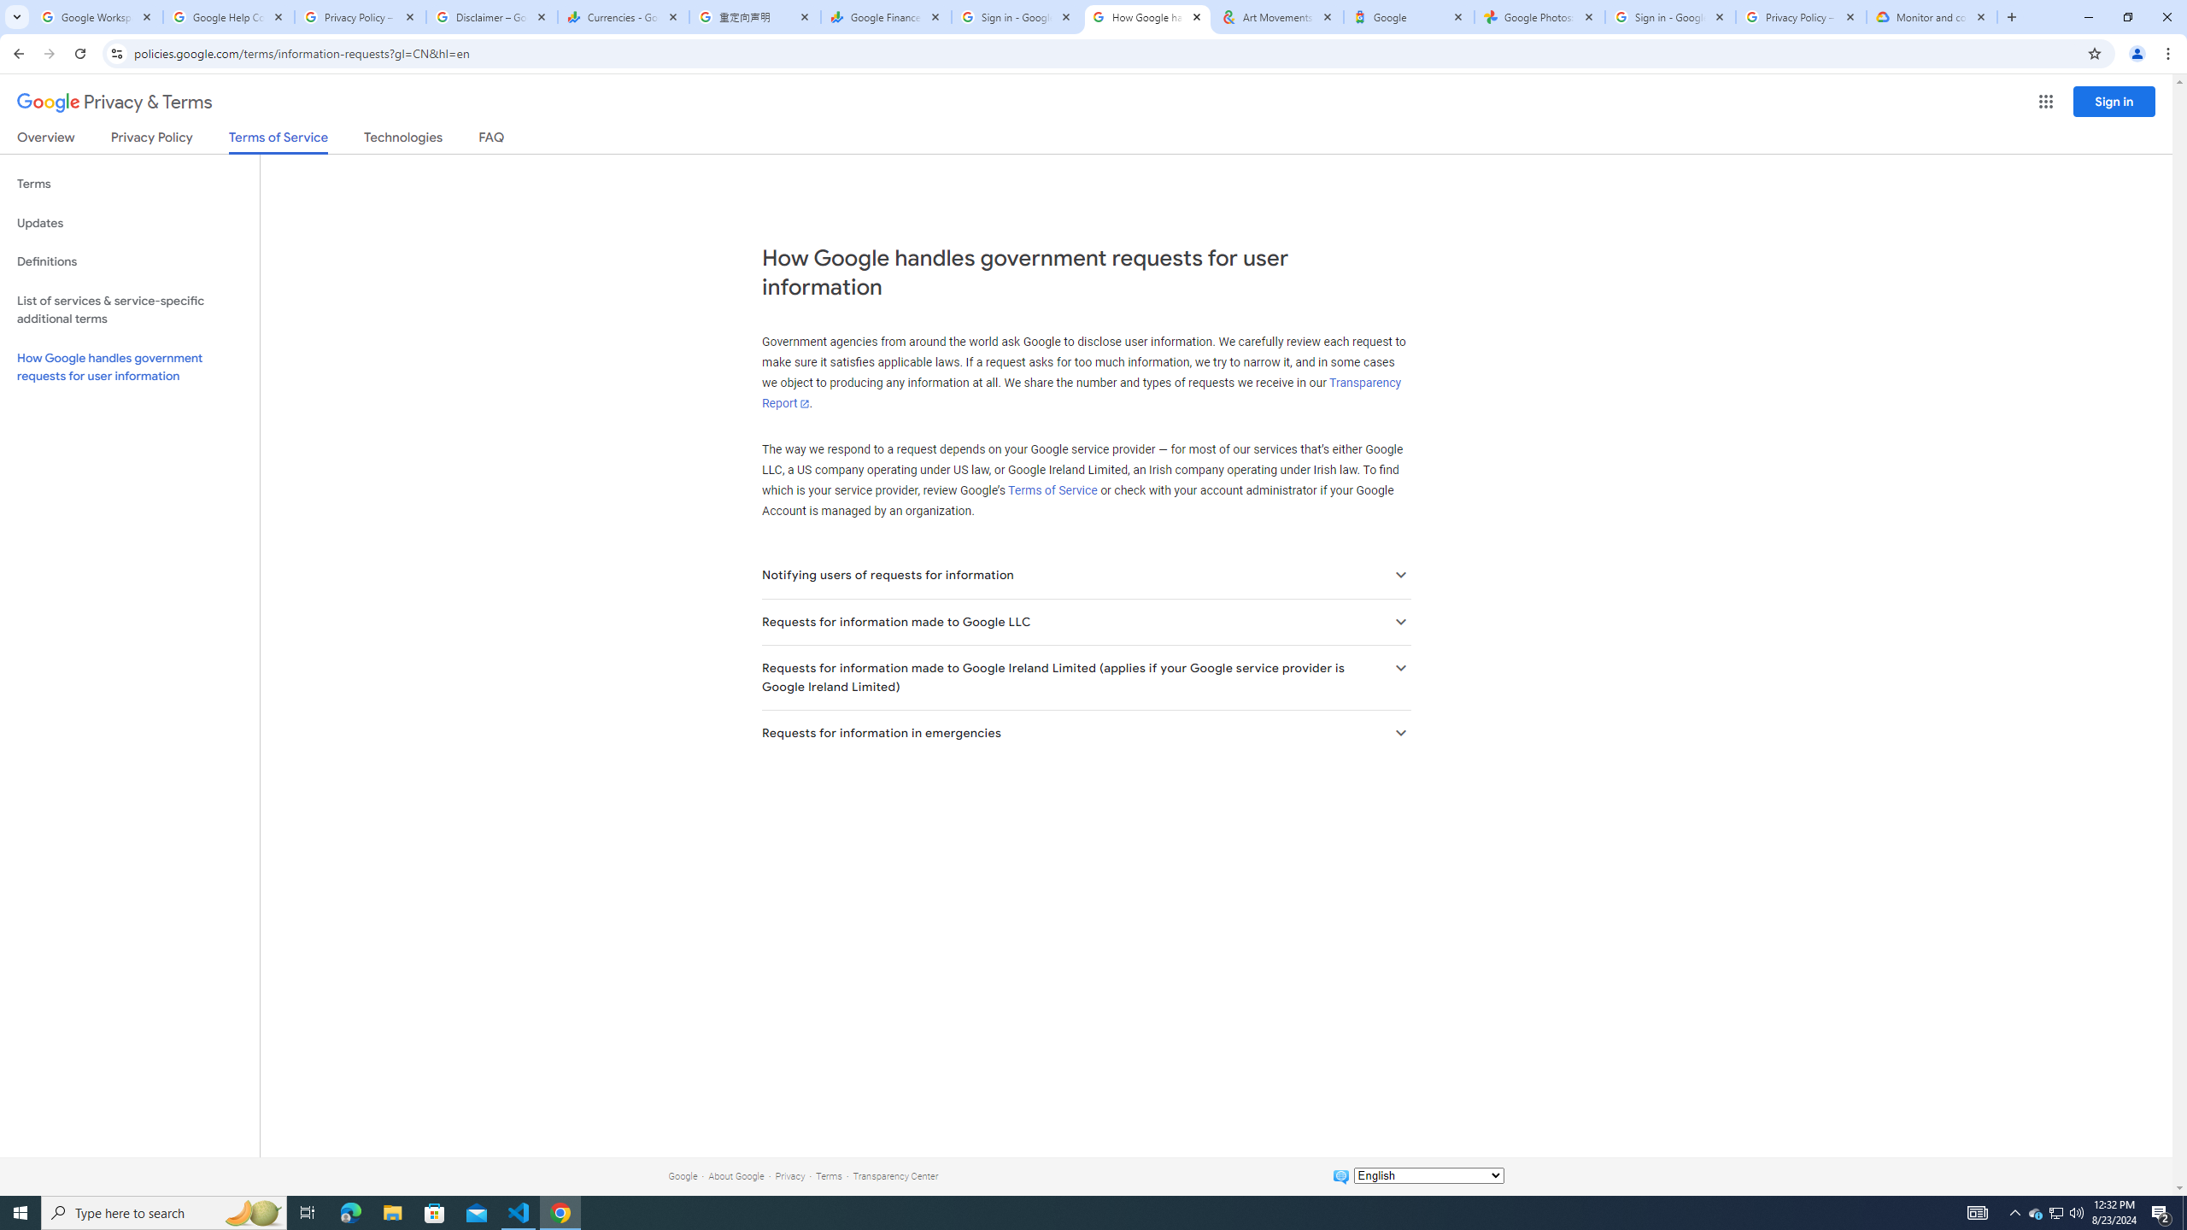  What do you see at coordinates (1428, 1174) in the screenshot?
I see `'Change language:'` at bounding box center [1428, 1174].